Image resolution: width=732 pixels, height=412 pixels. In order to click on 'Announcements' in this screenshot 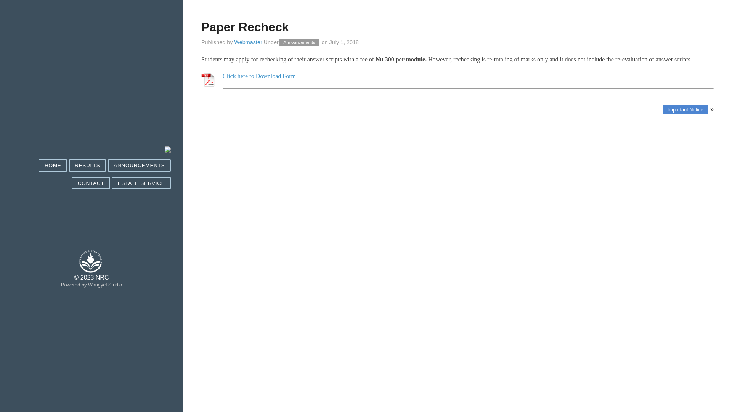, I will do `click(299, 42)`.